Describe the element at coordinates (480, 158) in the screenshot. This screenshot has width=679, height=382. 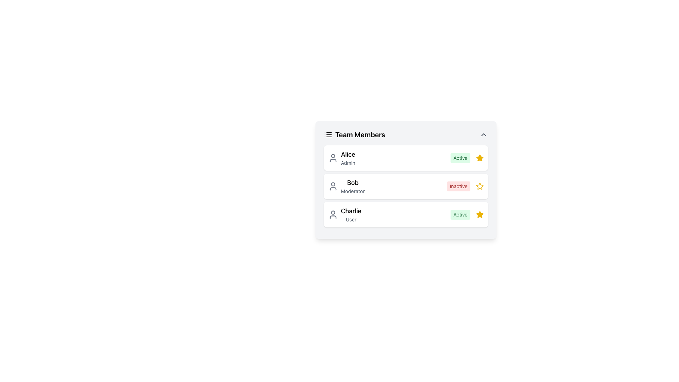
I see `the interactive button associated with user 'Alice' in the 'Active' section` at that location.